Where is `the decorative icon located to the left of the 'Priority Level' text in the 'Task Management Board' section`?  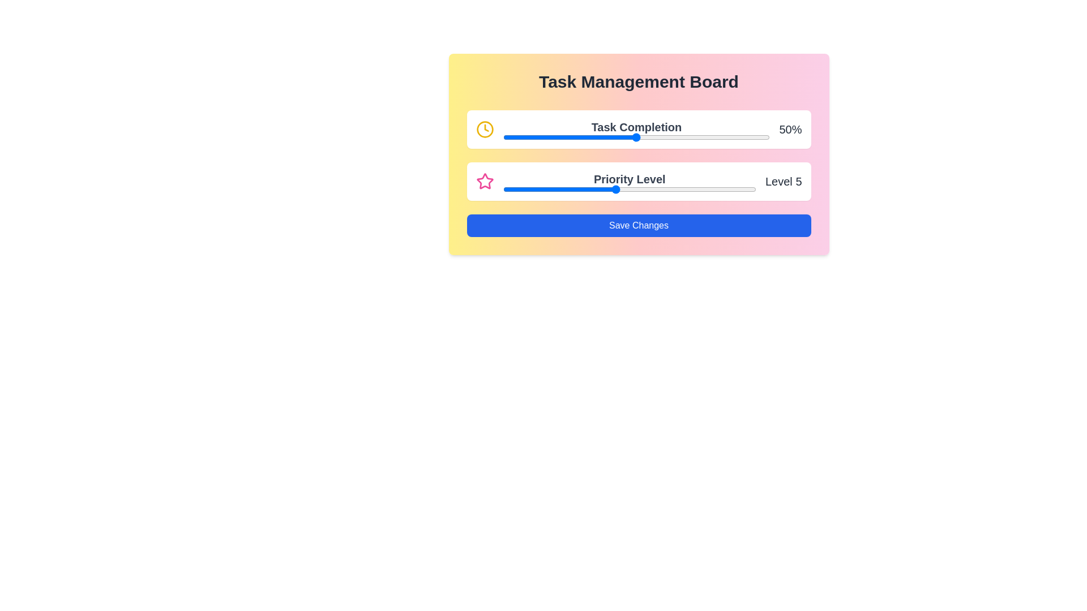 the decorative icon located to the left of the 'Priority Level' text in the 'Task Management Board' section is located at coordinates (485, 180).